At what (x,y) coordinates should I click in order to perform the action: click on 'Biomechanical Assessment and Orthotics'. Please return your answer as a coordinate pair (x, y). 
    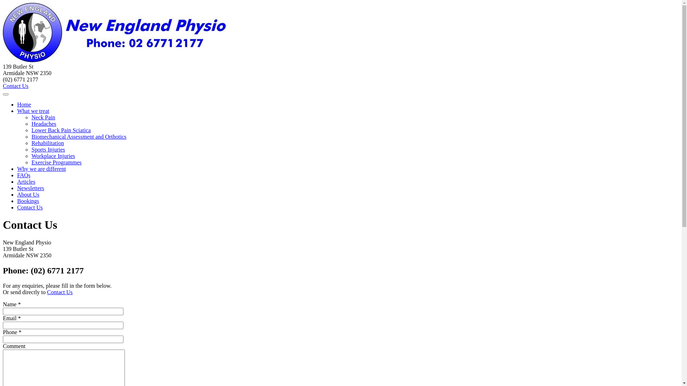
    Looking at the image, I should click on (31, 137).